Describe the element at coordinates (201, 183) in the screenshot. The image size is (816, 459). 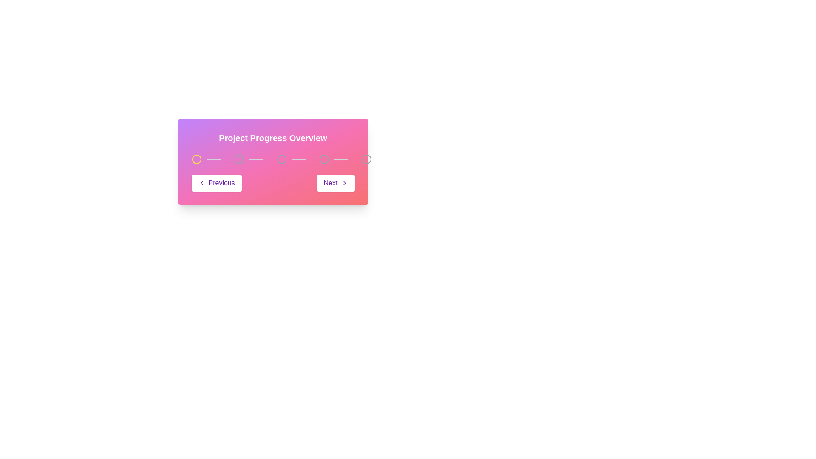
I see `the left-pointing chevron icon within the 'Previous' button, which indicates a backward navigation action in the progress-tracking interface` at that location.